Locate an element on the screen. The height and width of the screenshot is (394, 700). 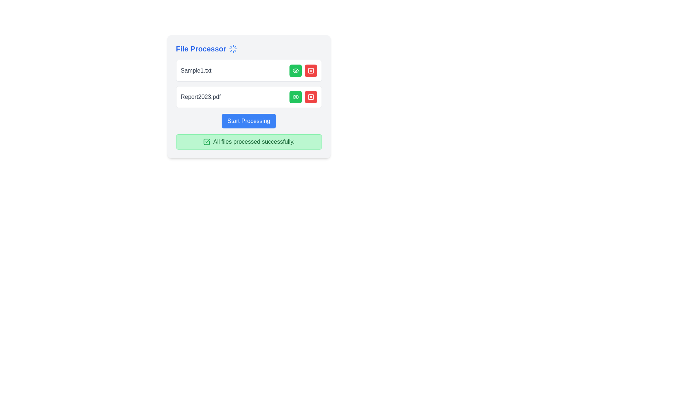
the green eye icon with a circular outline located within the green button next to the 'Report2023.pdf' item in the file list is located at coordinates (295, 70).